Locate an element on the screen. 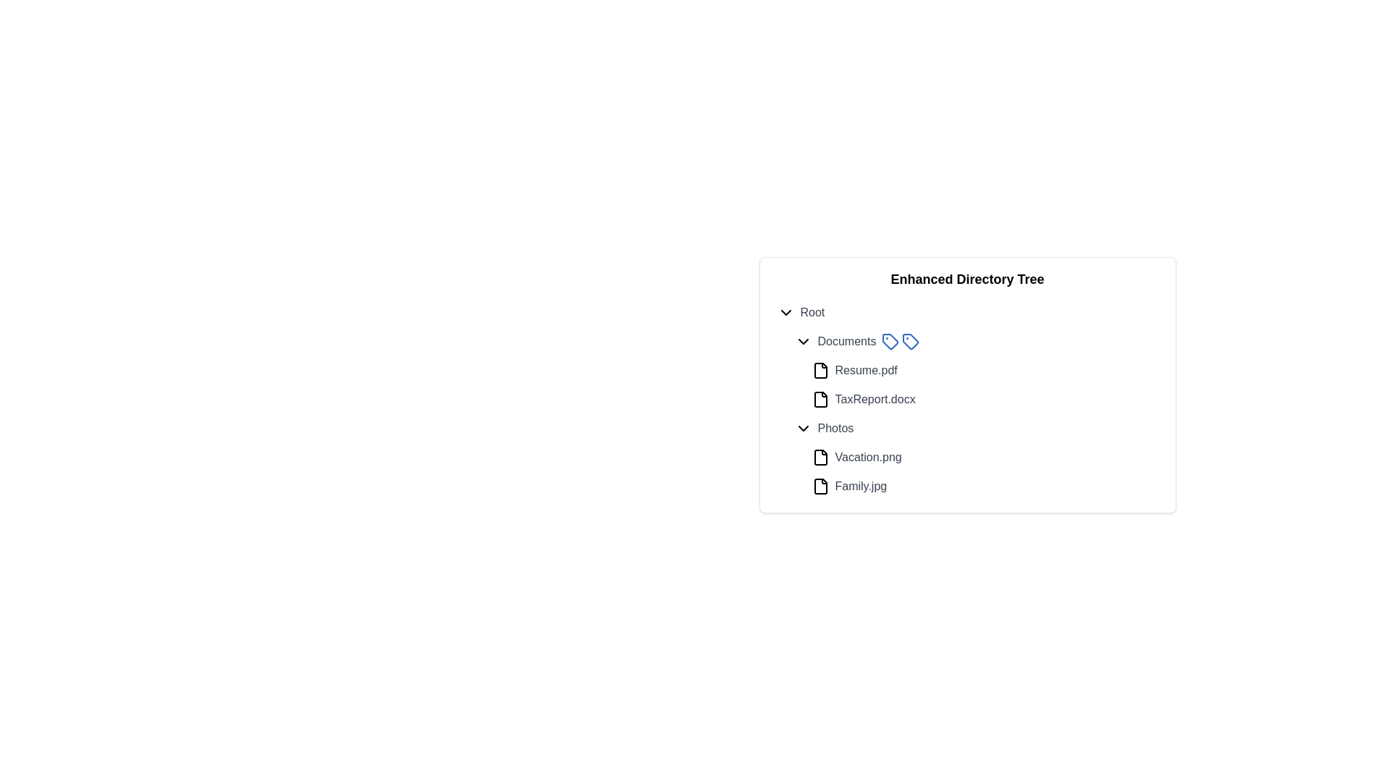 This screenshot has height=782, width=1390. the list item element representing the file 'Vacation.png' or 'Family.jpg' is located at coordinates (976, 458).